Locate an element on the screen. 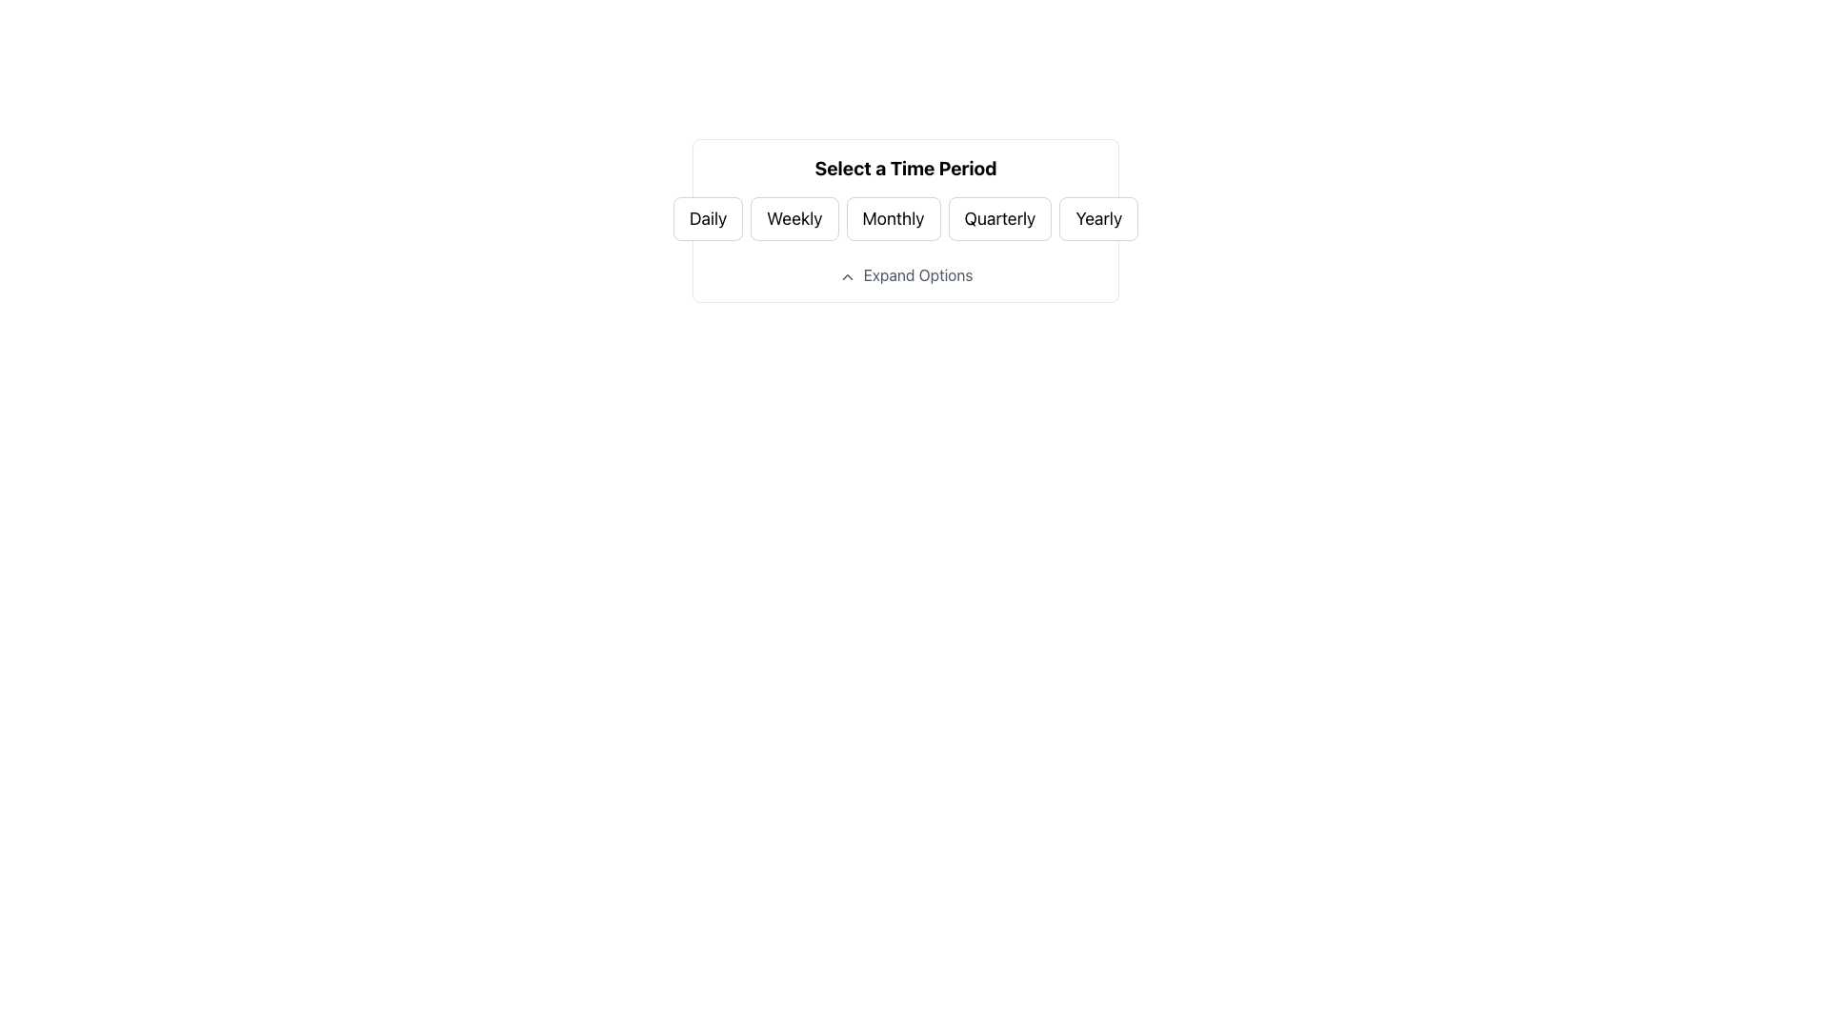  the 'Monthly' button, which is the third button in a row of five buttons, to change its shade is located at coordinates (893, 218).